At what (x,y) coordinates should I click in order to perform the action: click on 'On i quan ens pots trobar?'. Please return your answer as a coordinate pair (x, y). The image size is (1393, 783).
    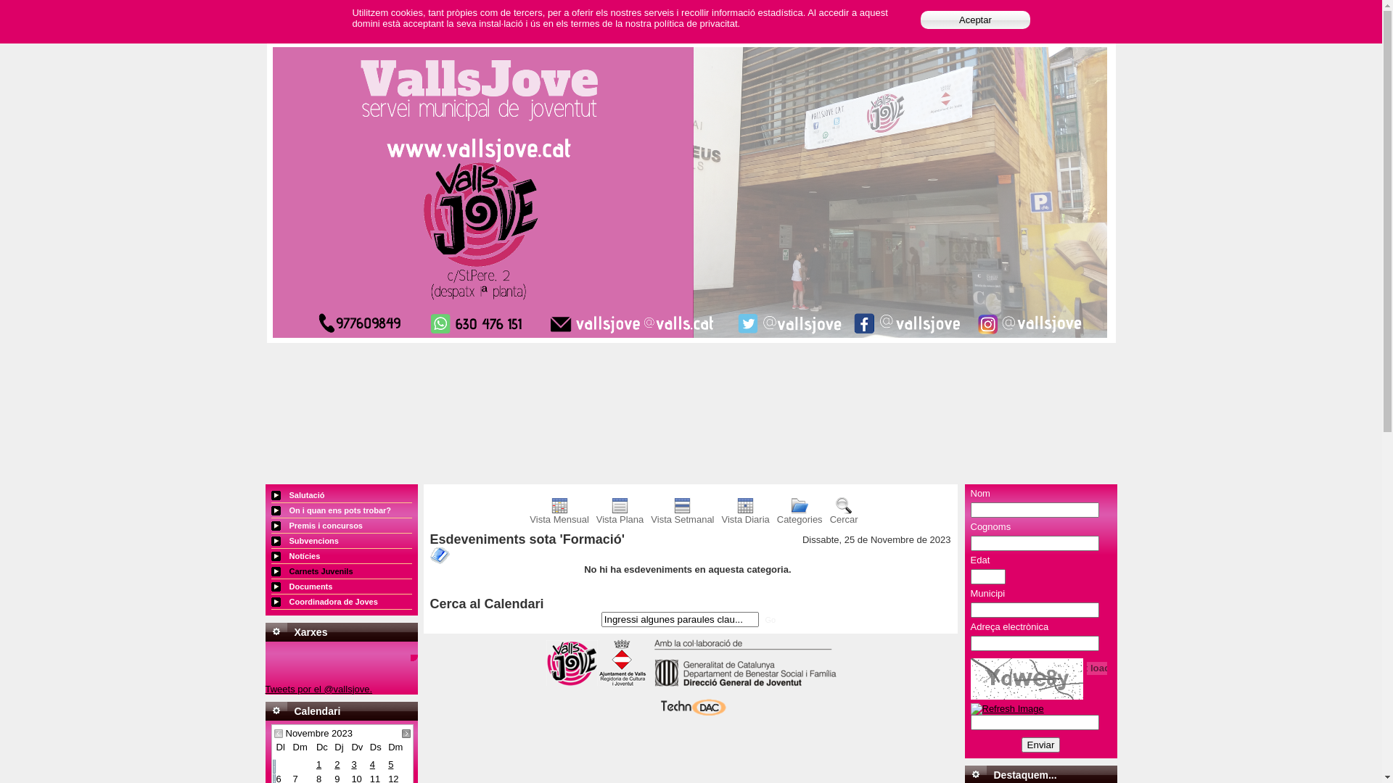
    Looking at the image, I should click on (271, 510).